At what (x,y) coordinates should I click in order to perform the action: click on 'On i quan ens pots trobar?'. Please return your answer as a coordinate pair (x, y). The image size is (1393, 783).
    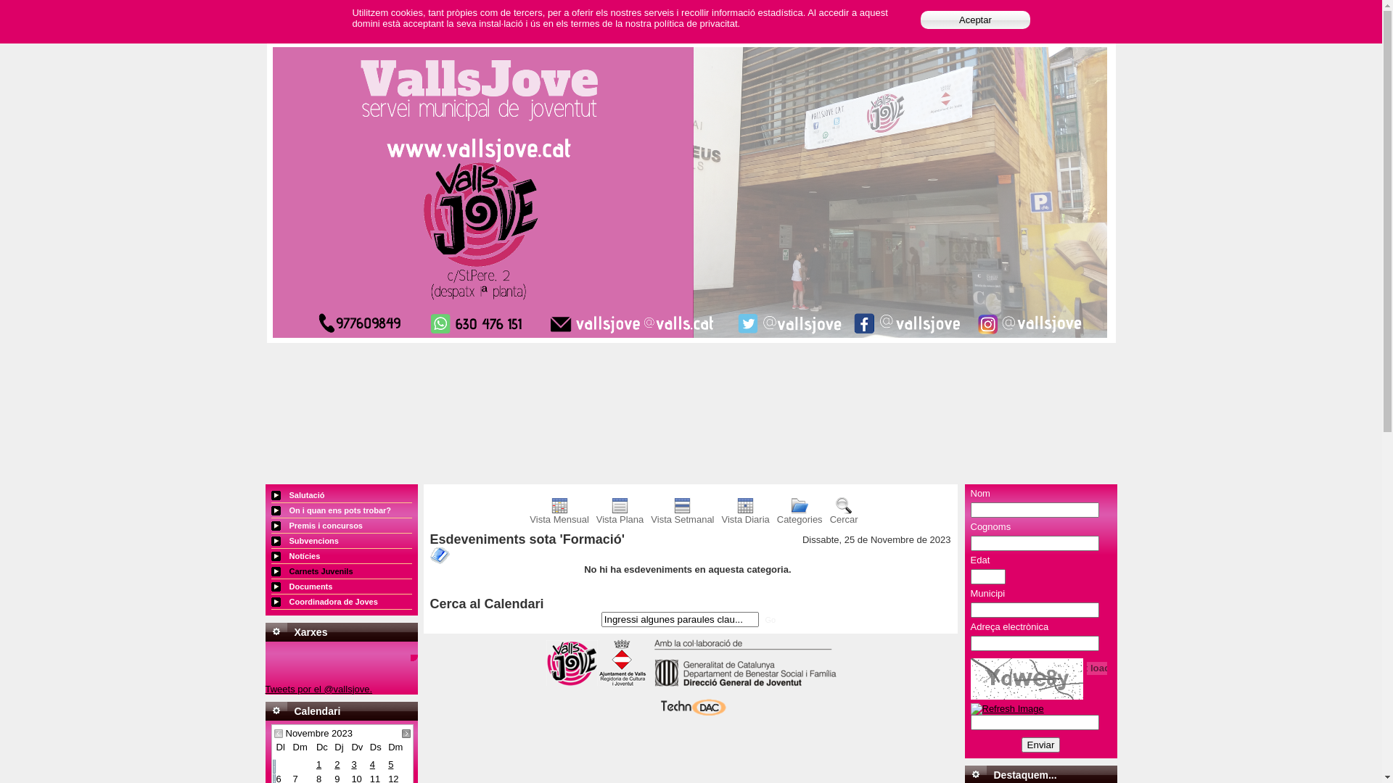
    Looking at the image, I should click on (271, 510).